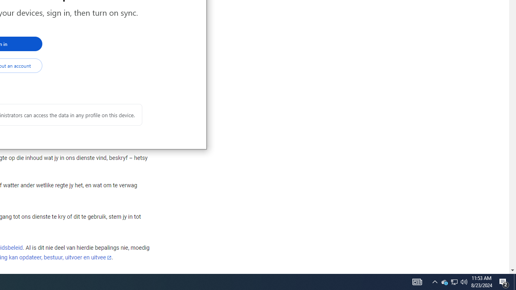 This screenshot has height=290, width=516. What do you see at coordinates (514, 281) in the screenshot?
I see `'Show desktop'` at bounding box center [514, 281].